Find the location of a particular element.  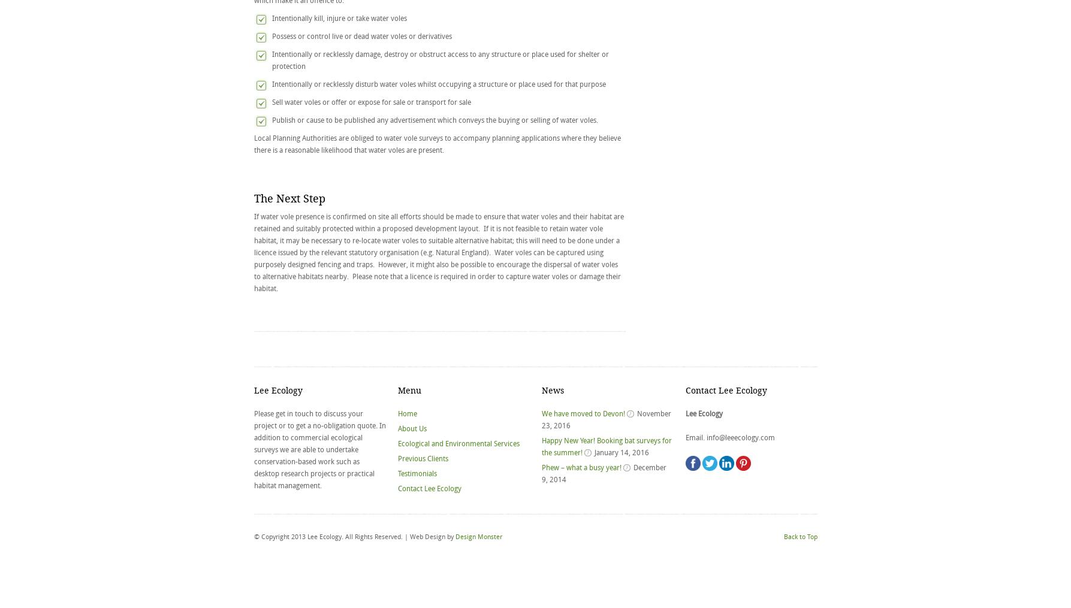

'Publish or cause to be published any advertisement which conveys the buying or selling of water voles.' is located at coordinates (434, 119).